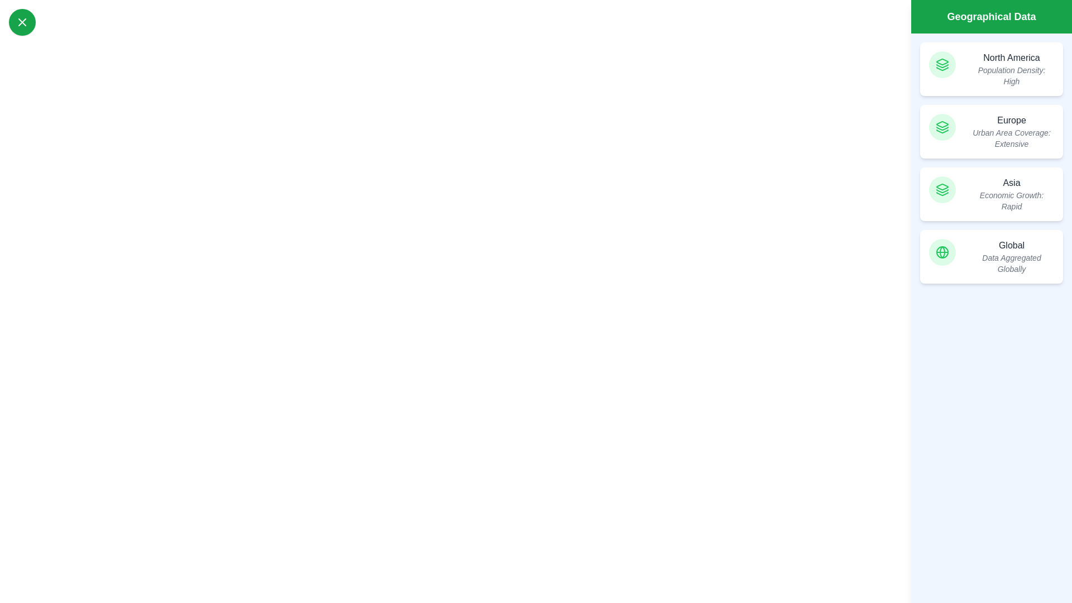 Image resolution: width=1072 pixels, height=603 pixels. What do you see at coordinates (992, 69) in the screenshot?
I see `the region North America from the list` at bounding box center [992, 69].